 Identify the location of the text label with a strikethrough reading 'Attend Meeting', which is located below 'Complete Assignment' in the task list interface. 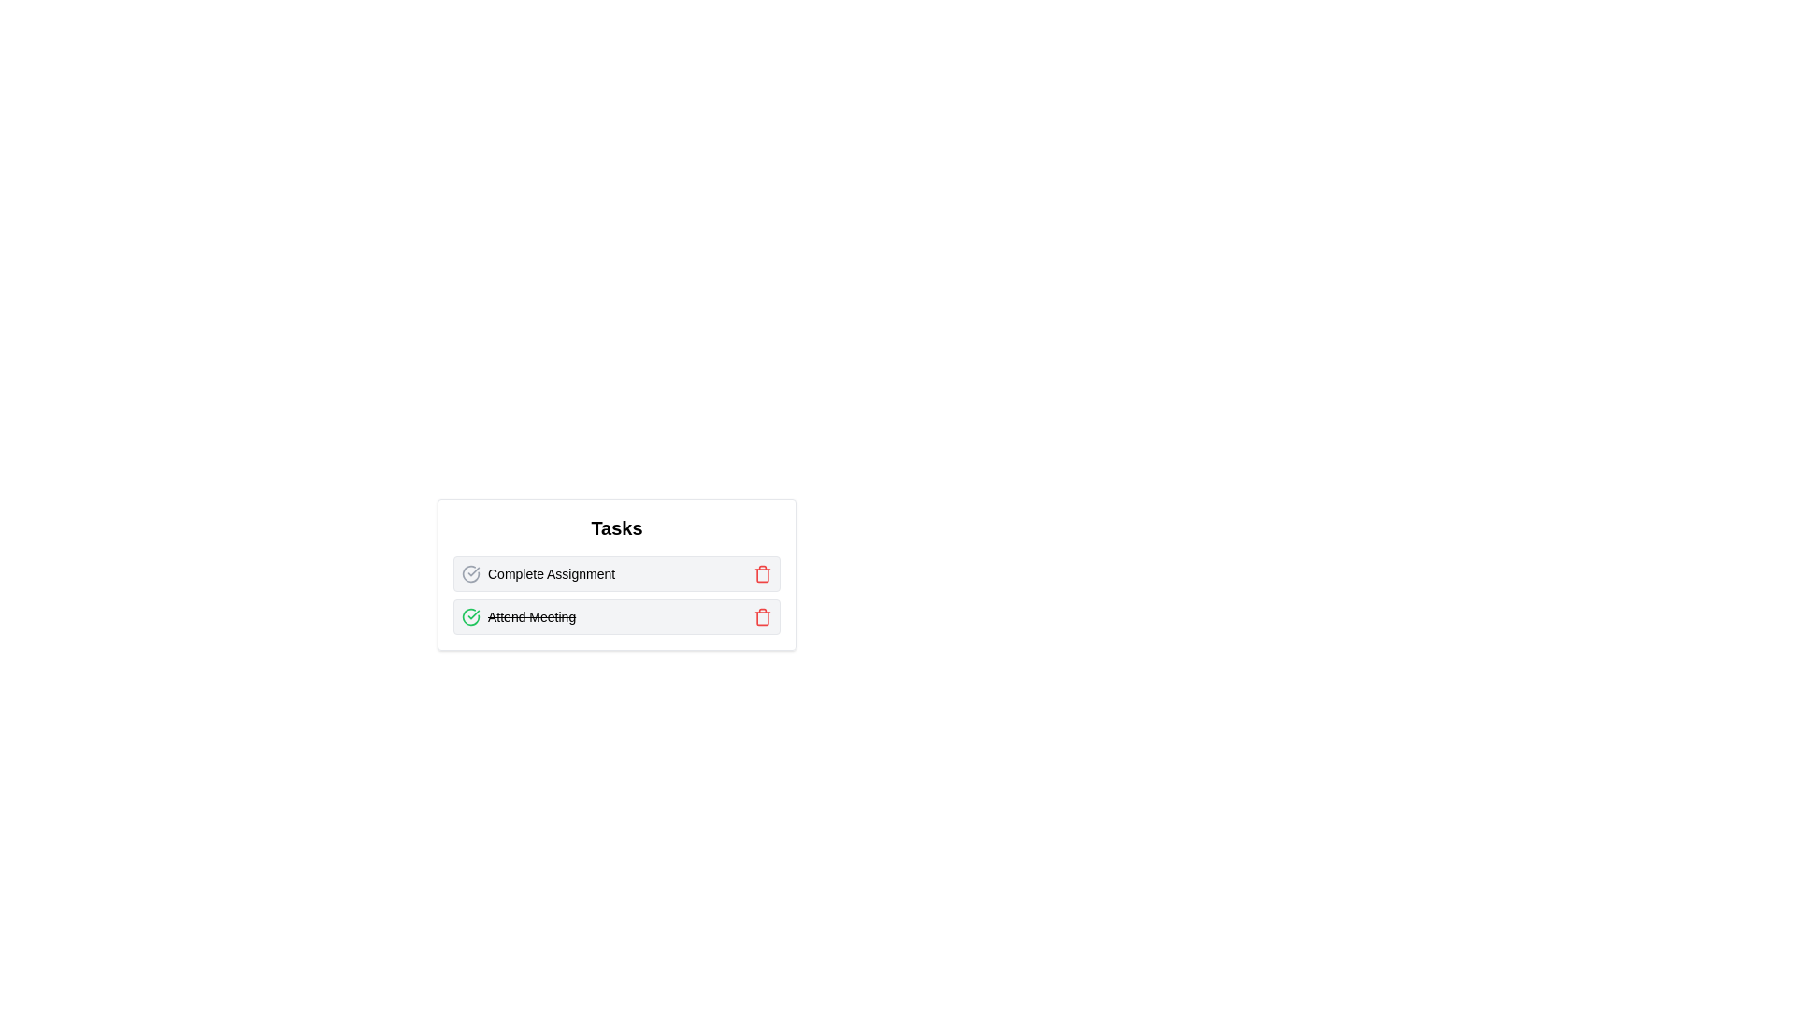
(531, 616).